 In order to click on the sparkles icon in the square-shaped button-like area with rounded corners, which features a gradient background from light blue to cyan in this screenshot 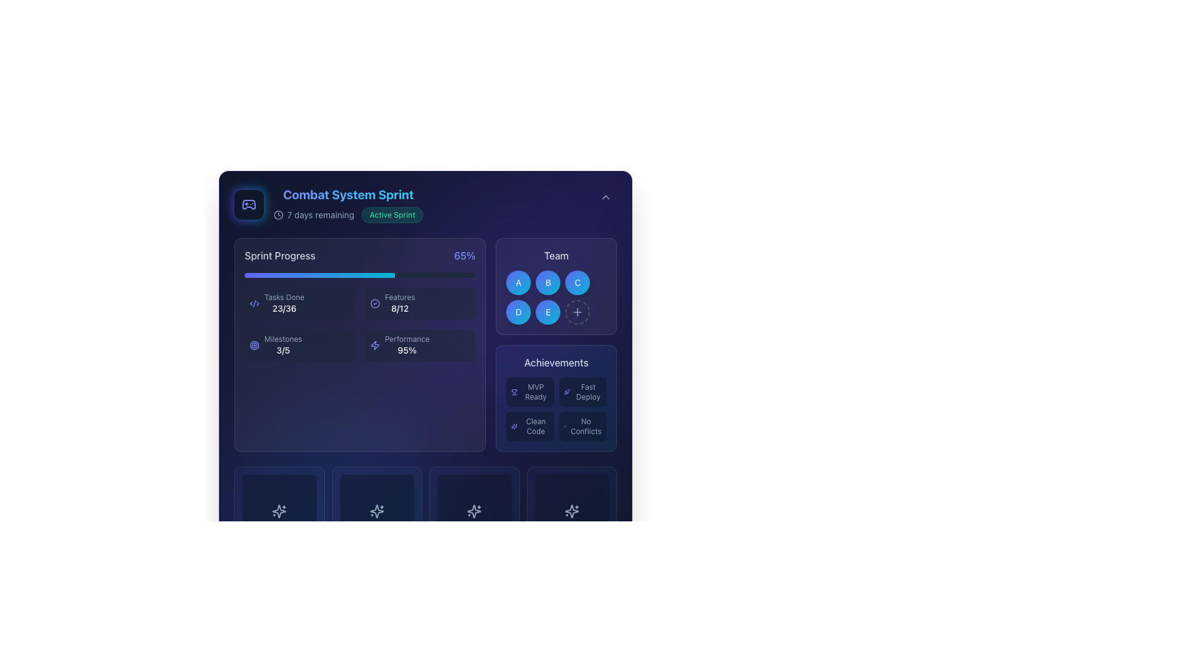, I will do `click(279, 512)`.